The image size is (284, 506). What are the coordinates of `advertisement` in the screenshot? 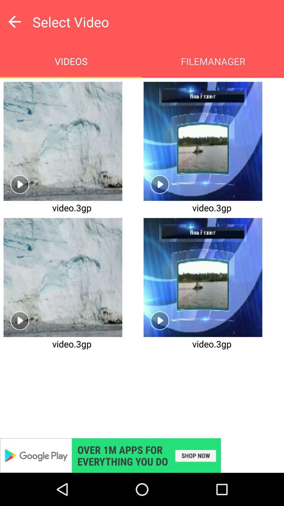 It's located at (142, 455).